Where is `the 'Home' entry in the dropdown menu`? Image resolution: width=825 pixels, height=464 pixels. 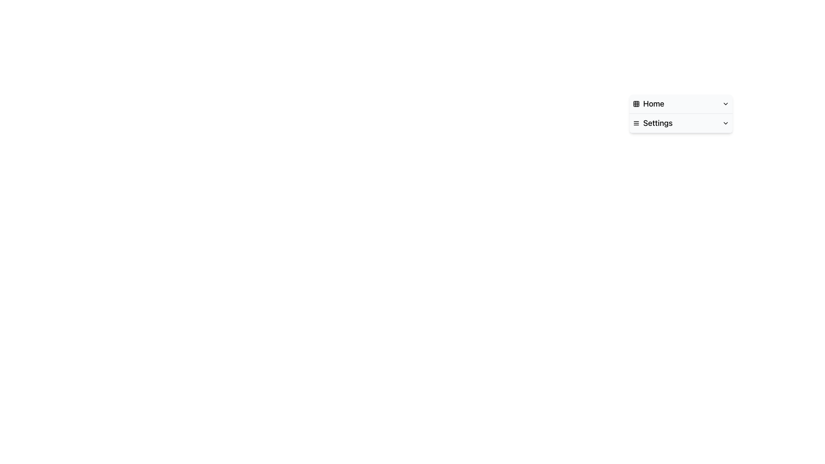
the 'Home' entry in the dropdown menu is located at coordinates (680, 104).